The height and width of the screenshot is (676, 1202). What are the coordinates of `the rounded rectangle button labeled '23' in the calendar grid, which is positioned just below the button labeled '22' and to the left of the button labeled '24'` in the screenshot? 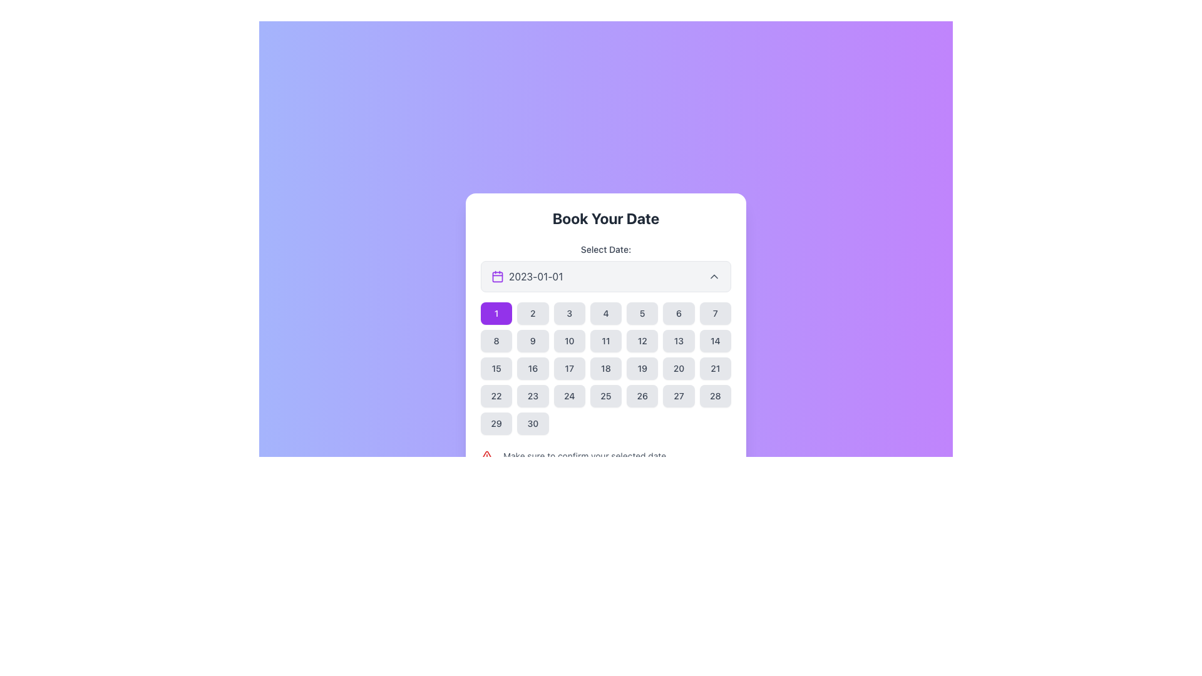 It's located at (533, 396).